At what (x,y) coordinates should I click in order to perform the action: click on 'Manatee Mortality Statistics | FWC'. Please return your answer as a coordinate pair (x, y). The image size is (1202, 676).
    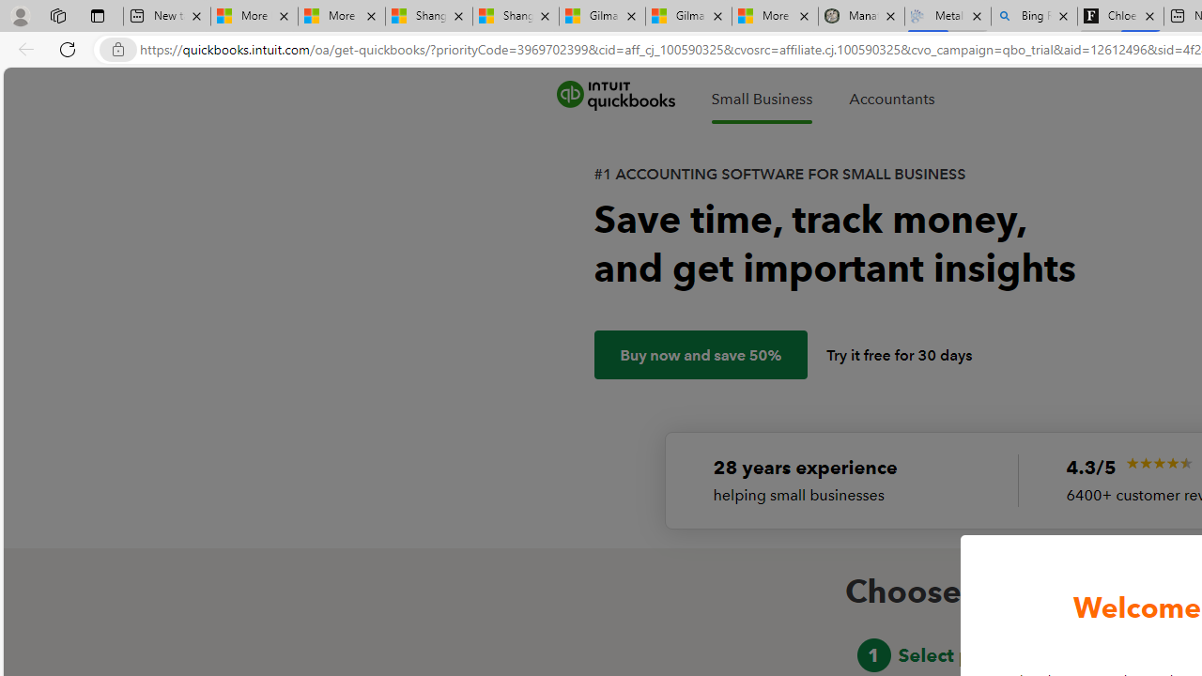
    Looking at the image, I should click on (860, 16).